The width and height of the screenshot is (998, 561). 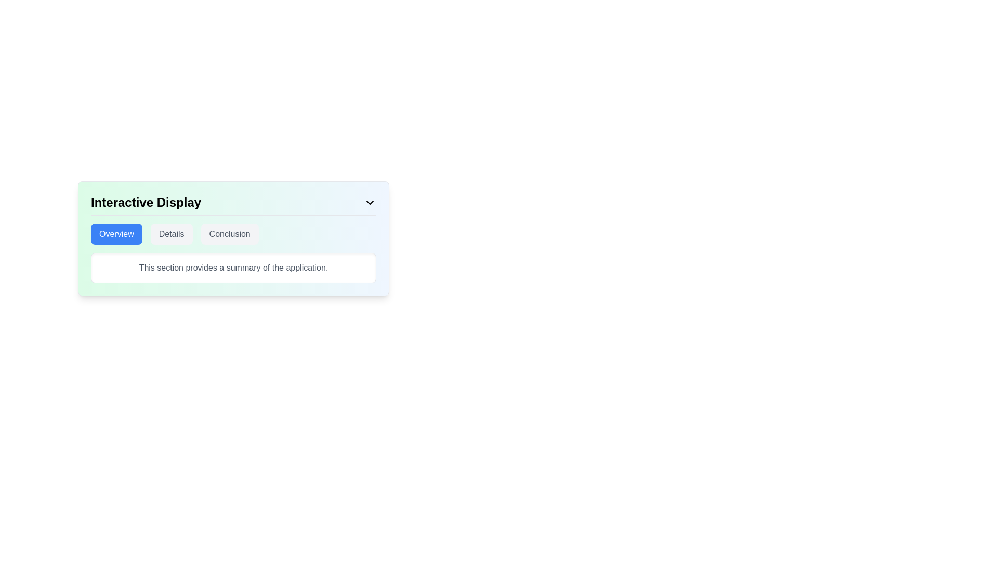 I want to click on the 'Details' button, which is the second button in a row of three buttons located near the top center of the interface, so click(x=172, y=234).